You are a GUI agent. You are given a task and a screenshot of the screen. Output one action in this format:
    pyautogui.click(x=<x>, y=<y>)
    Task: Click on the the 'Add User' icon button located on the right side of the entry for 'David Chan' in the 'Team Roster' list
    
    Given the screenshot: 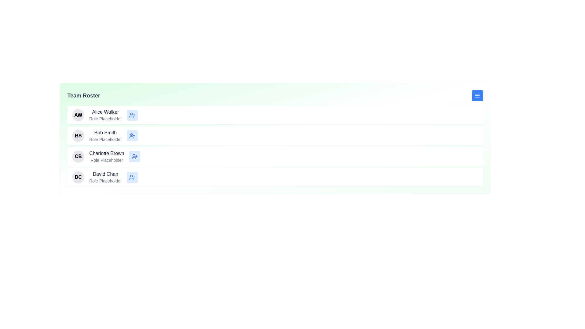 What is the action you would take?
    pyautogui.click(x=132, y=177)
    